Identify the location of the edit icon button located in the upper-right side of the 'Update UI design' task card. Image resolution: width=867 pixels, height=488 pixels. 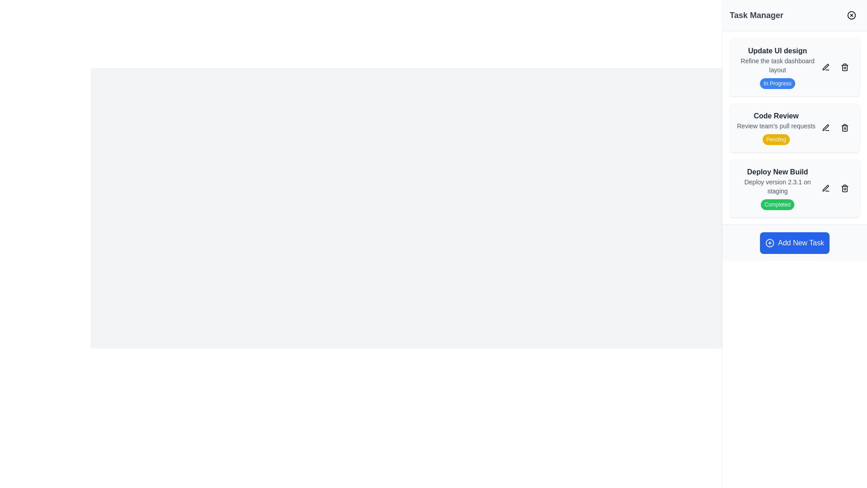
(825, 67).